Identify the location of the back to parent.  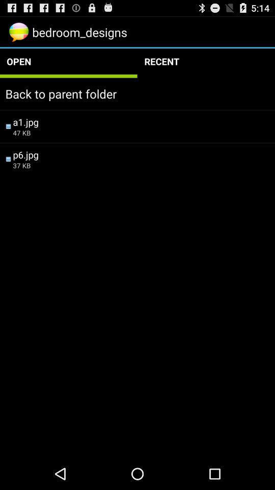
(137, 93).